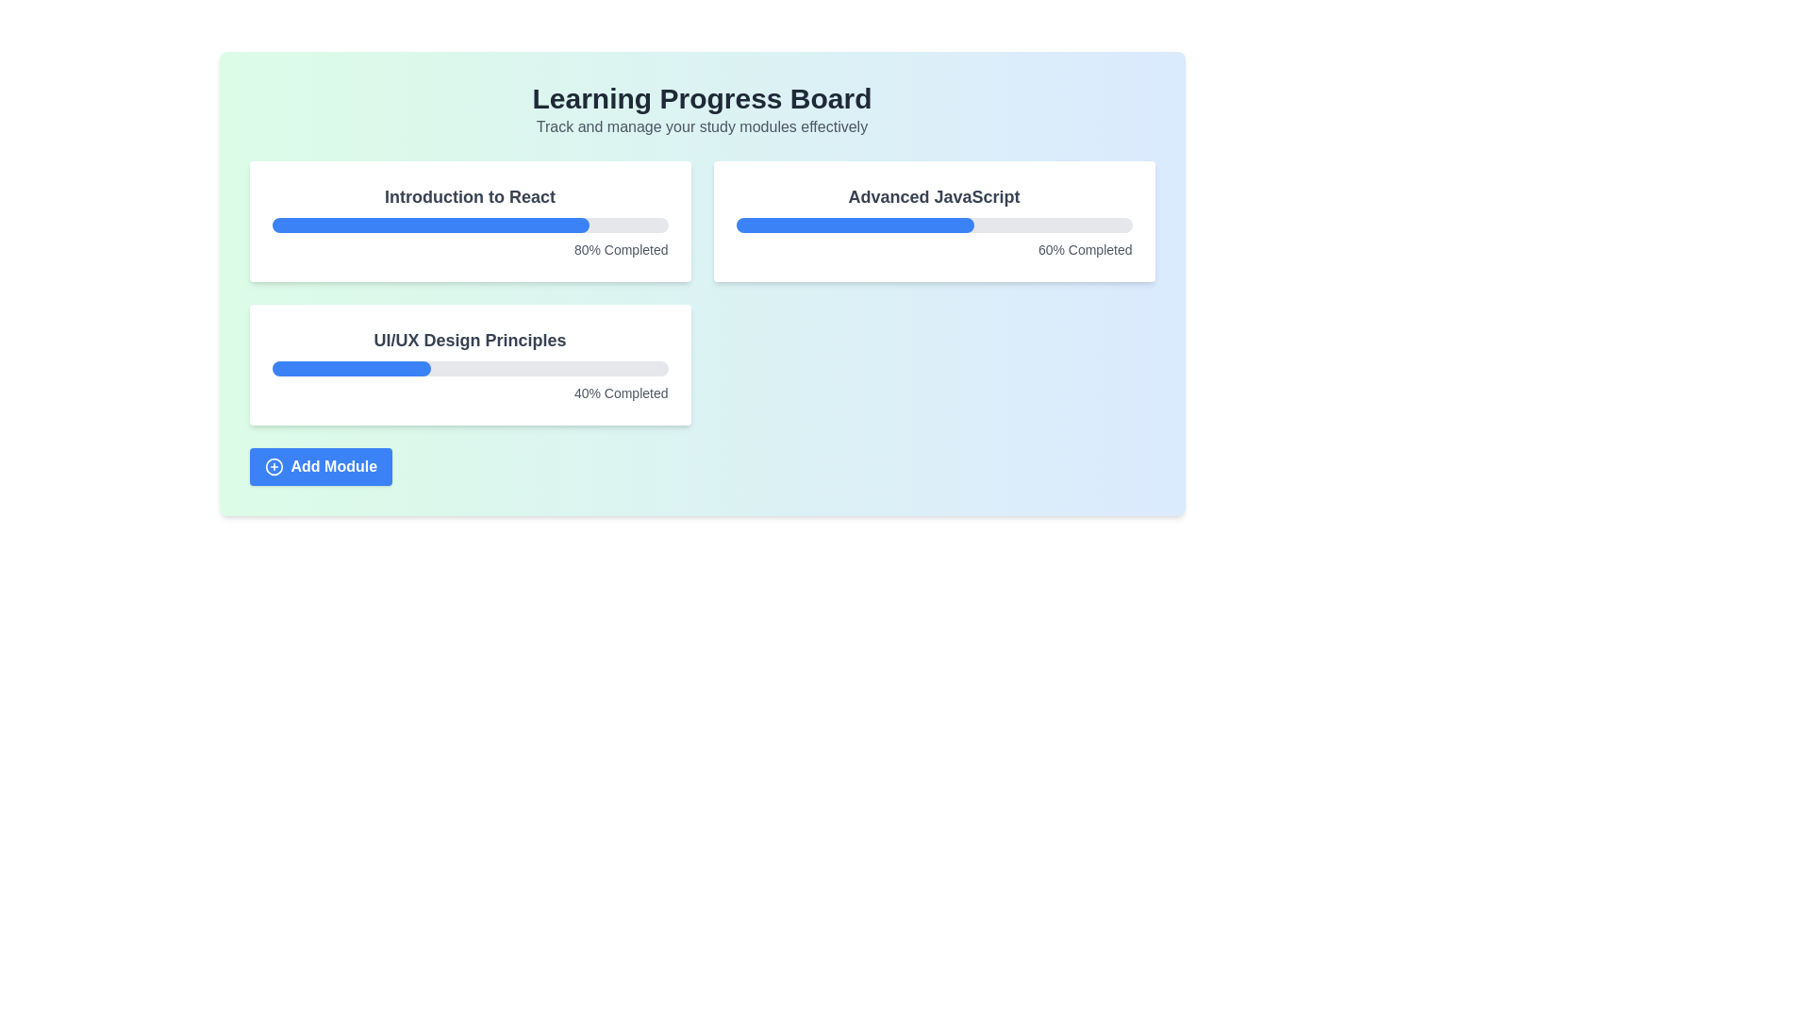  I want to click on the text label displaying 'Introduction to React', which is styled prominently and located at the top of the learning module card on the left side of the dashboard, so click(470, 196).